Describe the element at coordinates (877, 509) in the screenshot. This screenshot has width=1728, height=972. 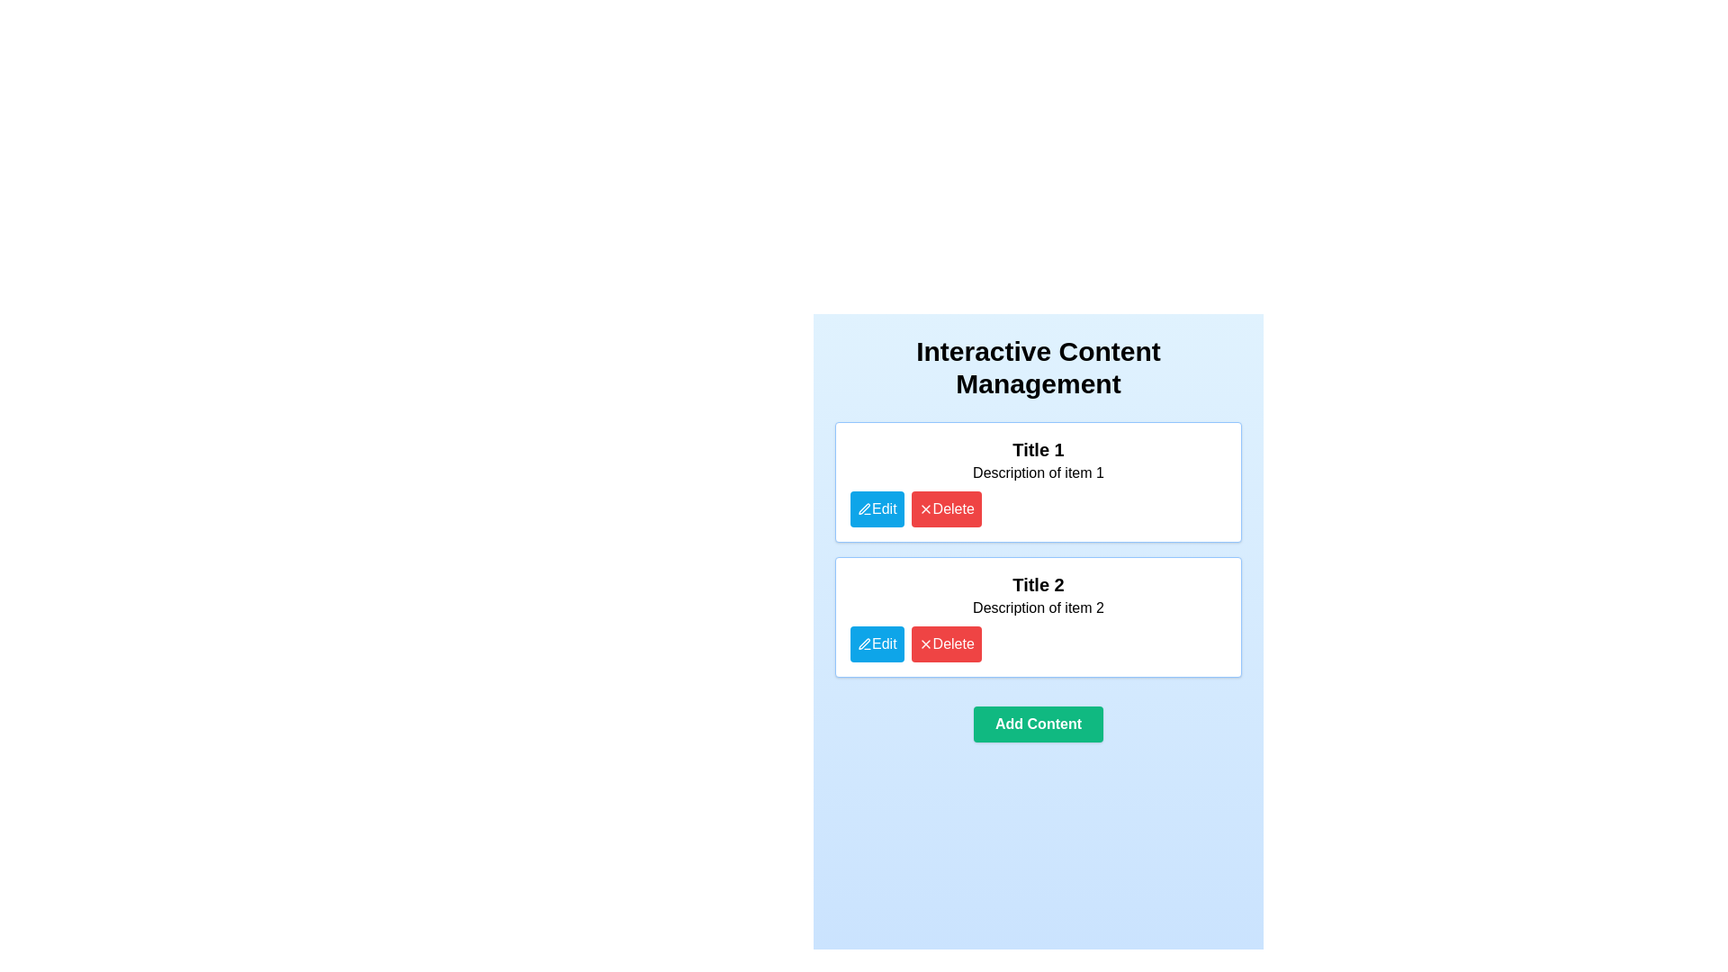
I see `the button that allows editing the content under 'Title 1', positioned to the left of the 'Delete' button in the section labeled 'Title 1 - Description of item 1'` at that location.